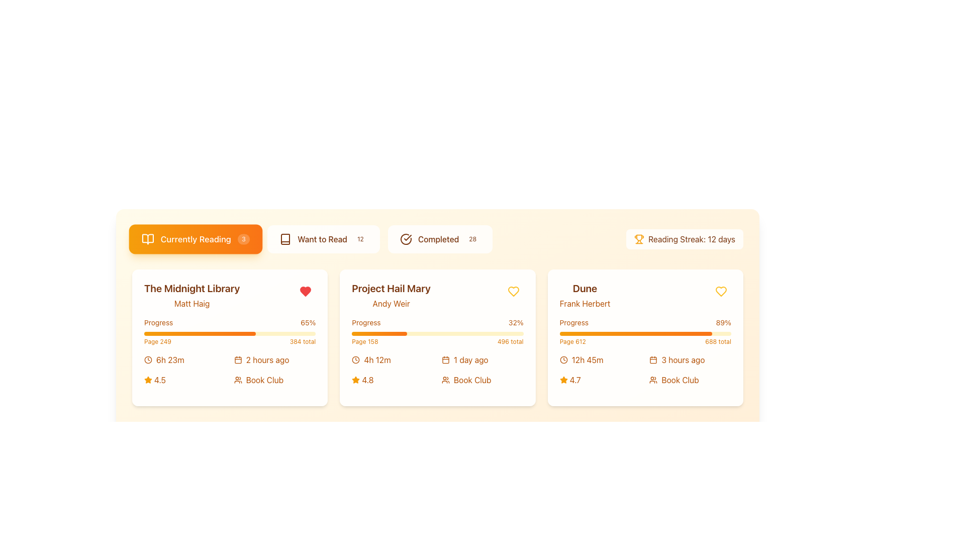  Describe the element at coordinates (472, 380) in the screenshot. I see `the static text label that indicates the category or tag for the book associated with a book club, located within the card under the ratings information section` at that location.